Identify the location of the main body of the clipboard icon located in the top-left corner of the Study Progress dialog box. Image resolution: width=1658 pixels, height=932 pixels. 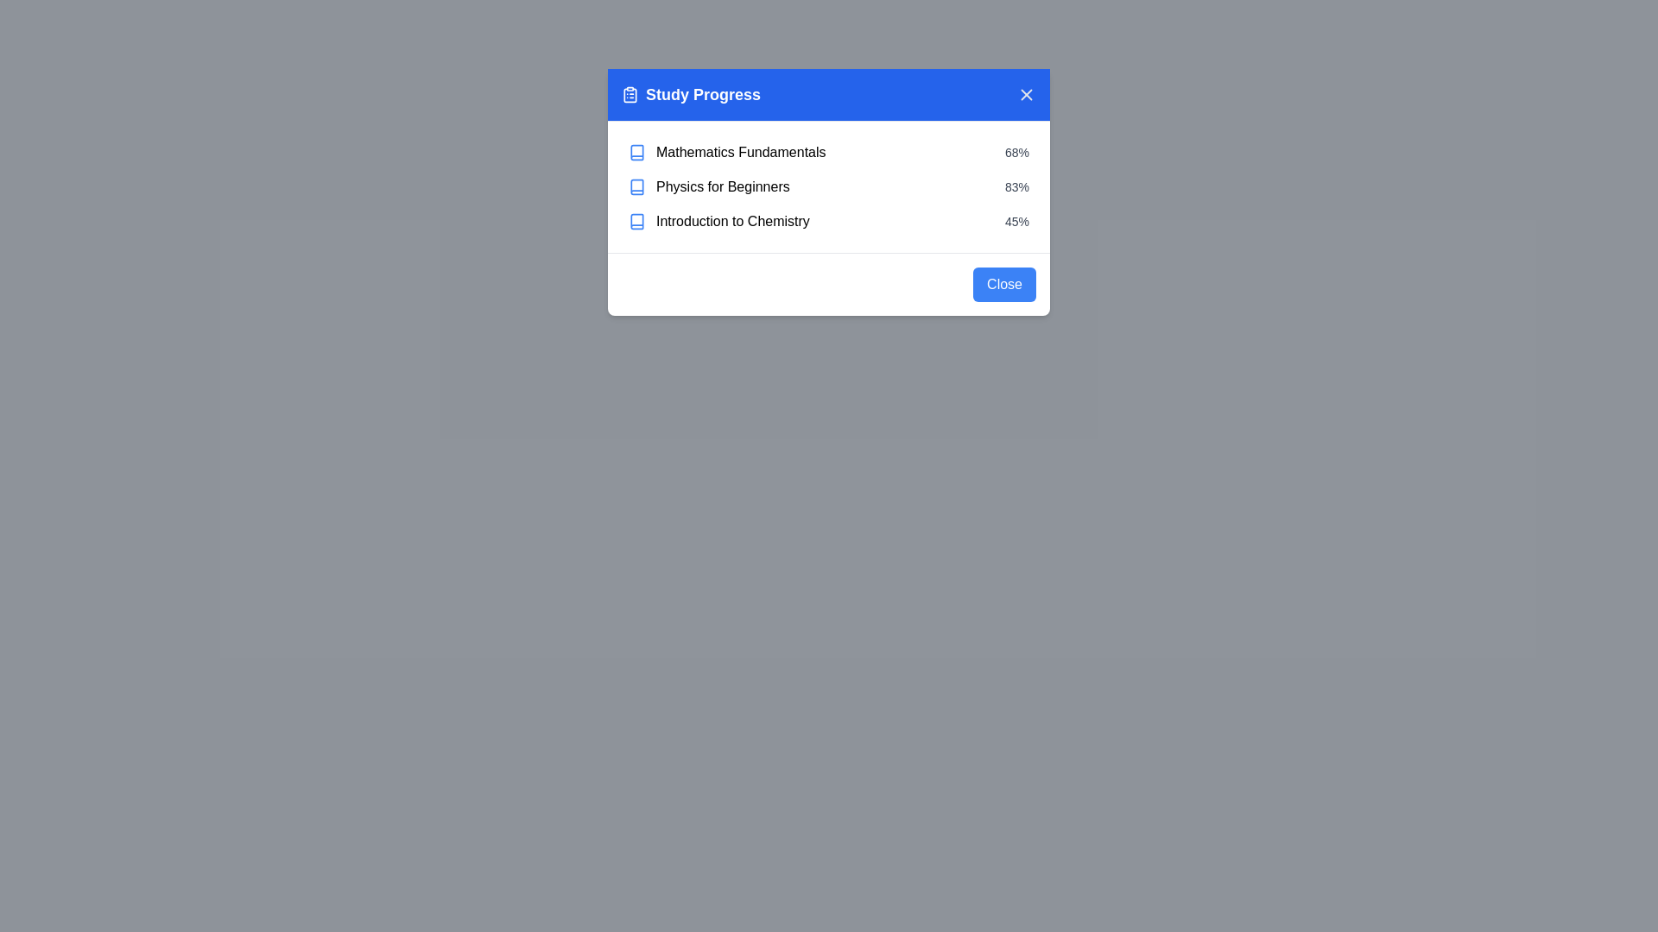
(629, 95).